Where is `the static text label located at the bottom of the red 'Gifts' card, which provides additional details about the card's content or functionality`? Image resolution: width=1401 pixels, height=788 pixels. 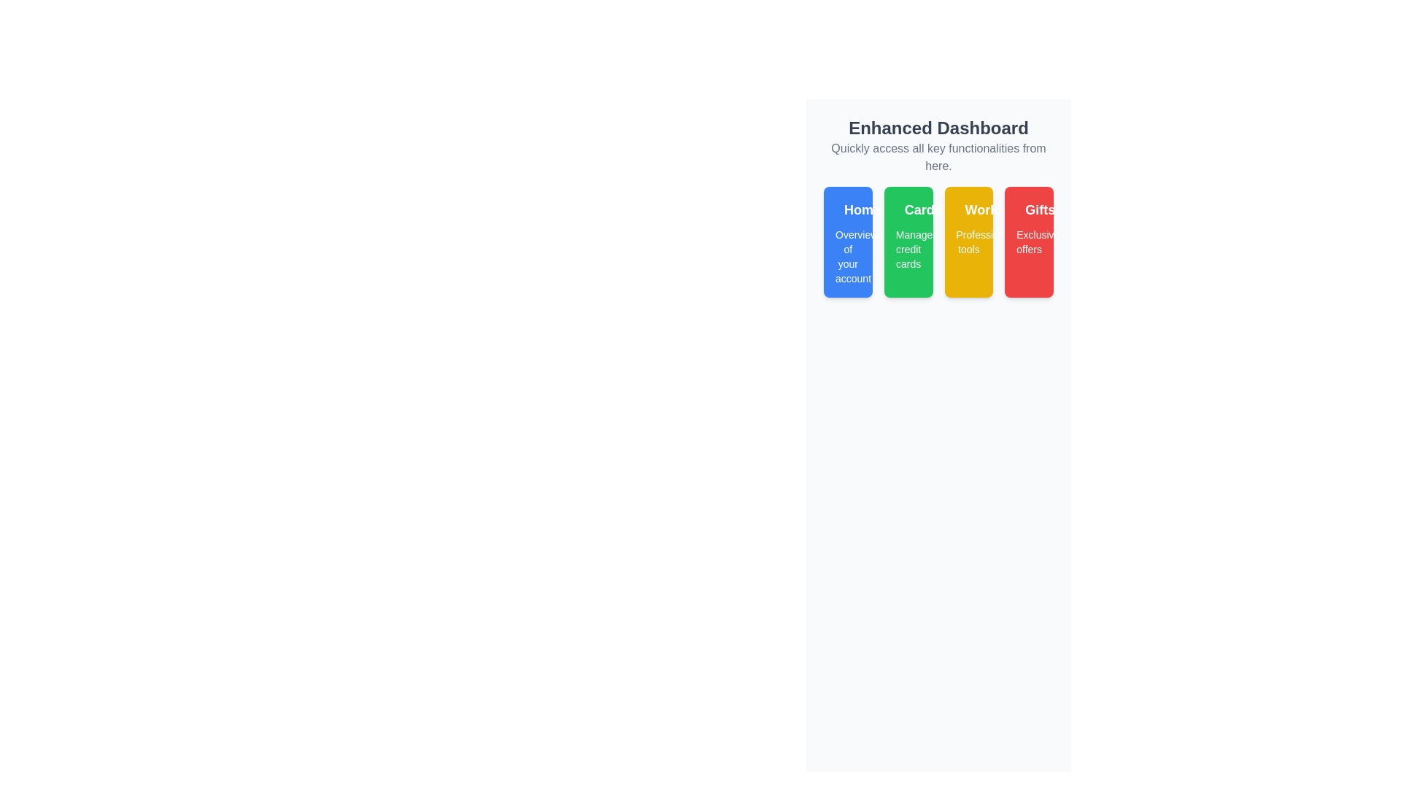 the static text label located at the bottom of the red 'Gifts' card, which provides additional details about the card's content or functionality is located at coordinates (1028, 241).